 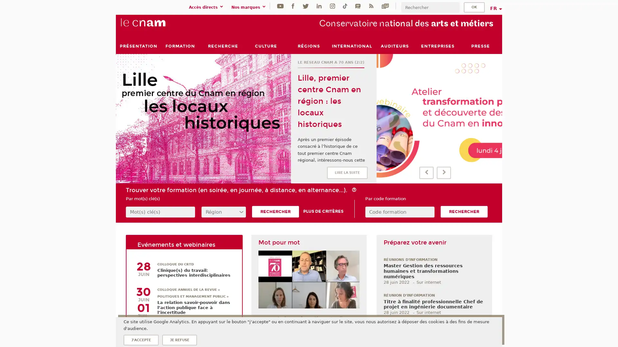 I want to click on RECHERCHER, so click(x=275, y=212).